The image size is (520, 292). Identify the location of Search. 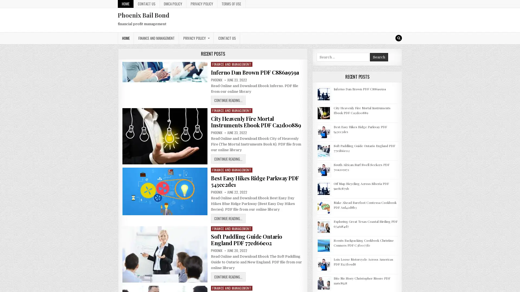
(379, 57).